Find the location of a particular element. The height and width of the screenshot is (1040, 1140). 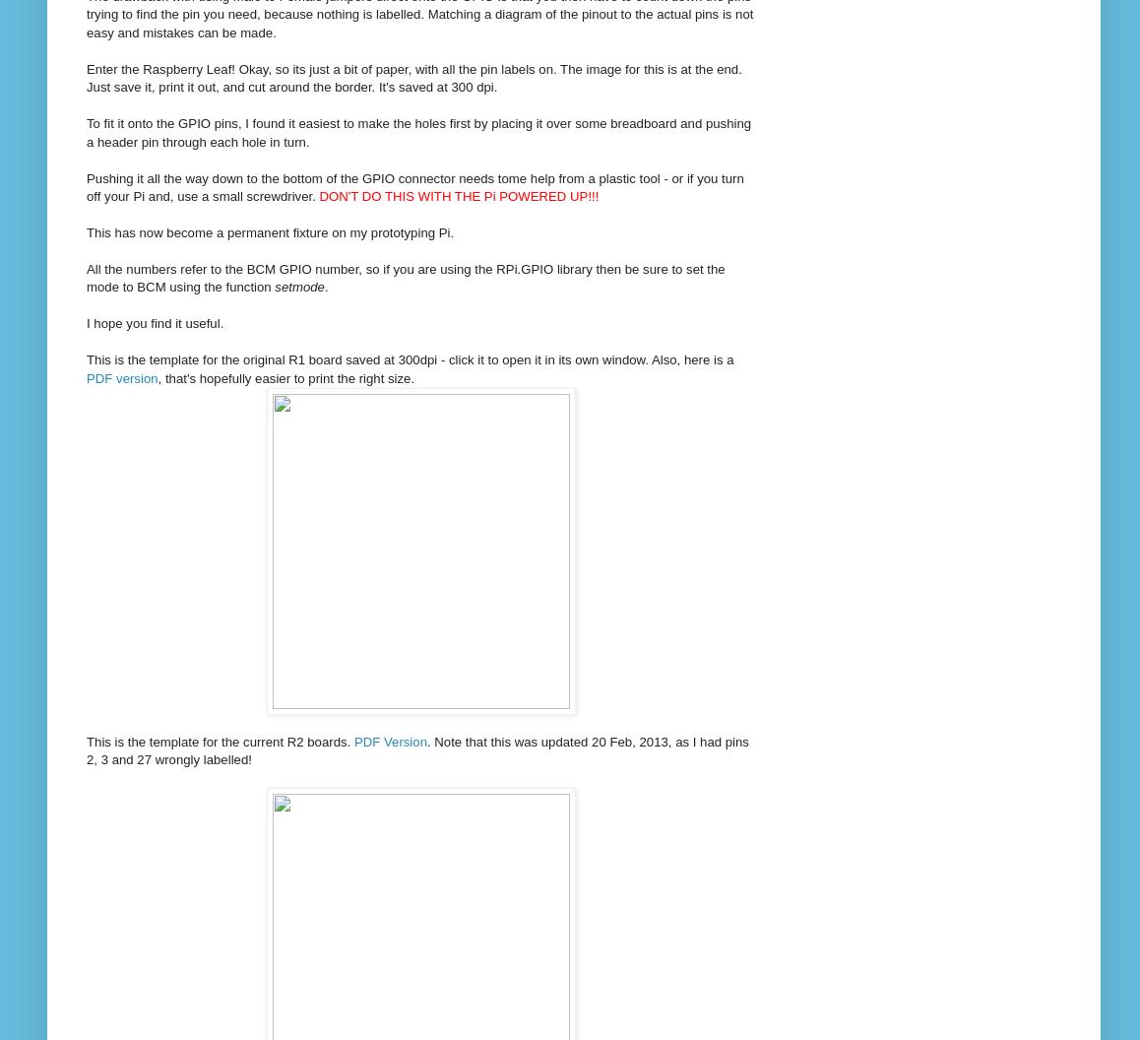

'Enter the Raspberry Leaf! Okay, so its just a bit of paper, with all the pin labels on. The image for this is at the end. Just save it, print it out, and cut around the border. It's saved at 300 dpi.' is located at coordinates (413, 76).